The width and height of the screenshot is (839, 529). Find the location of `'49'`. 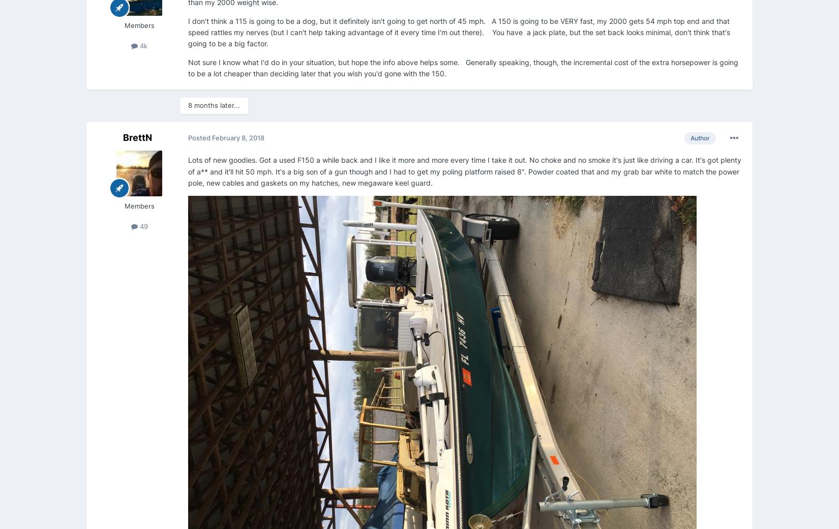

'49' is located at coordinates (142, 225).